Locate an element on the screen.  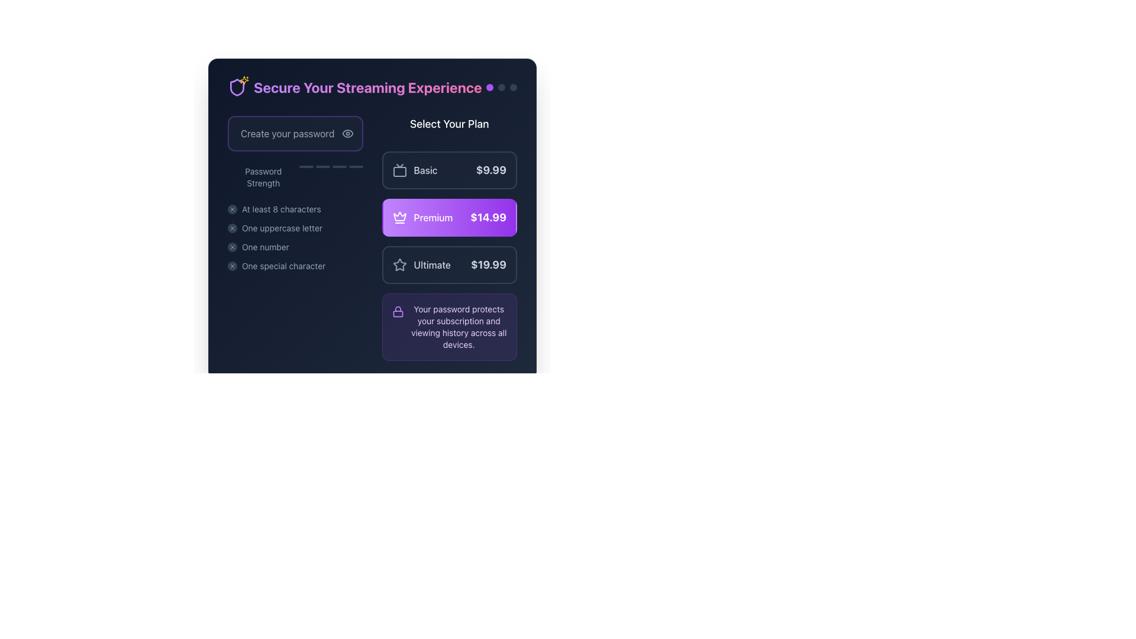
the Text Heading located at the top center of the user interface is located at coordinates (354, 86).